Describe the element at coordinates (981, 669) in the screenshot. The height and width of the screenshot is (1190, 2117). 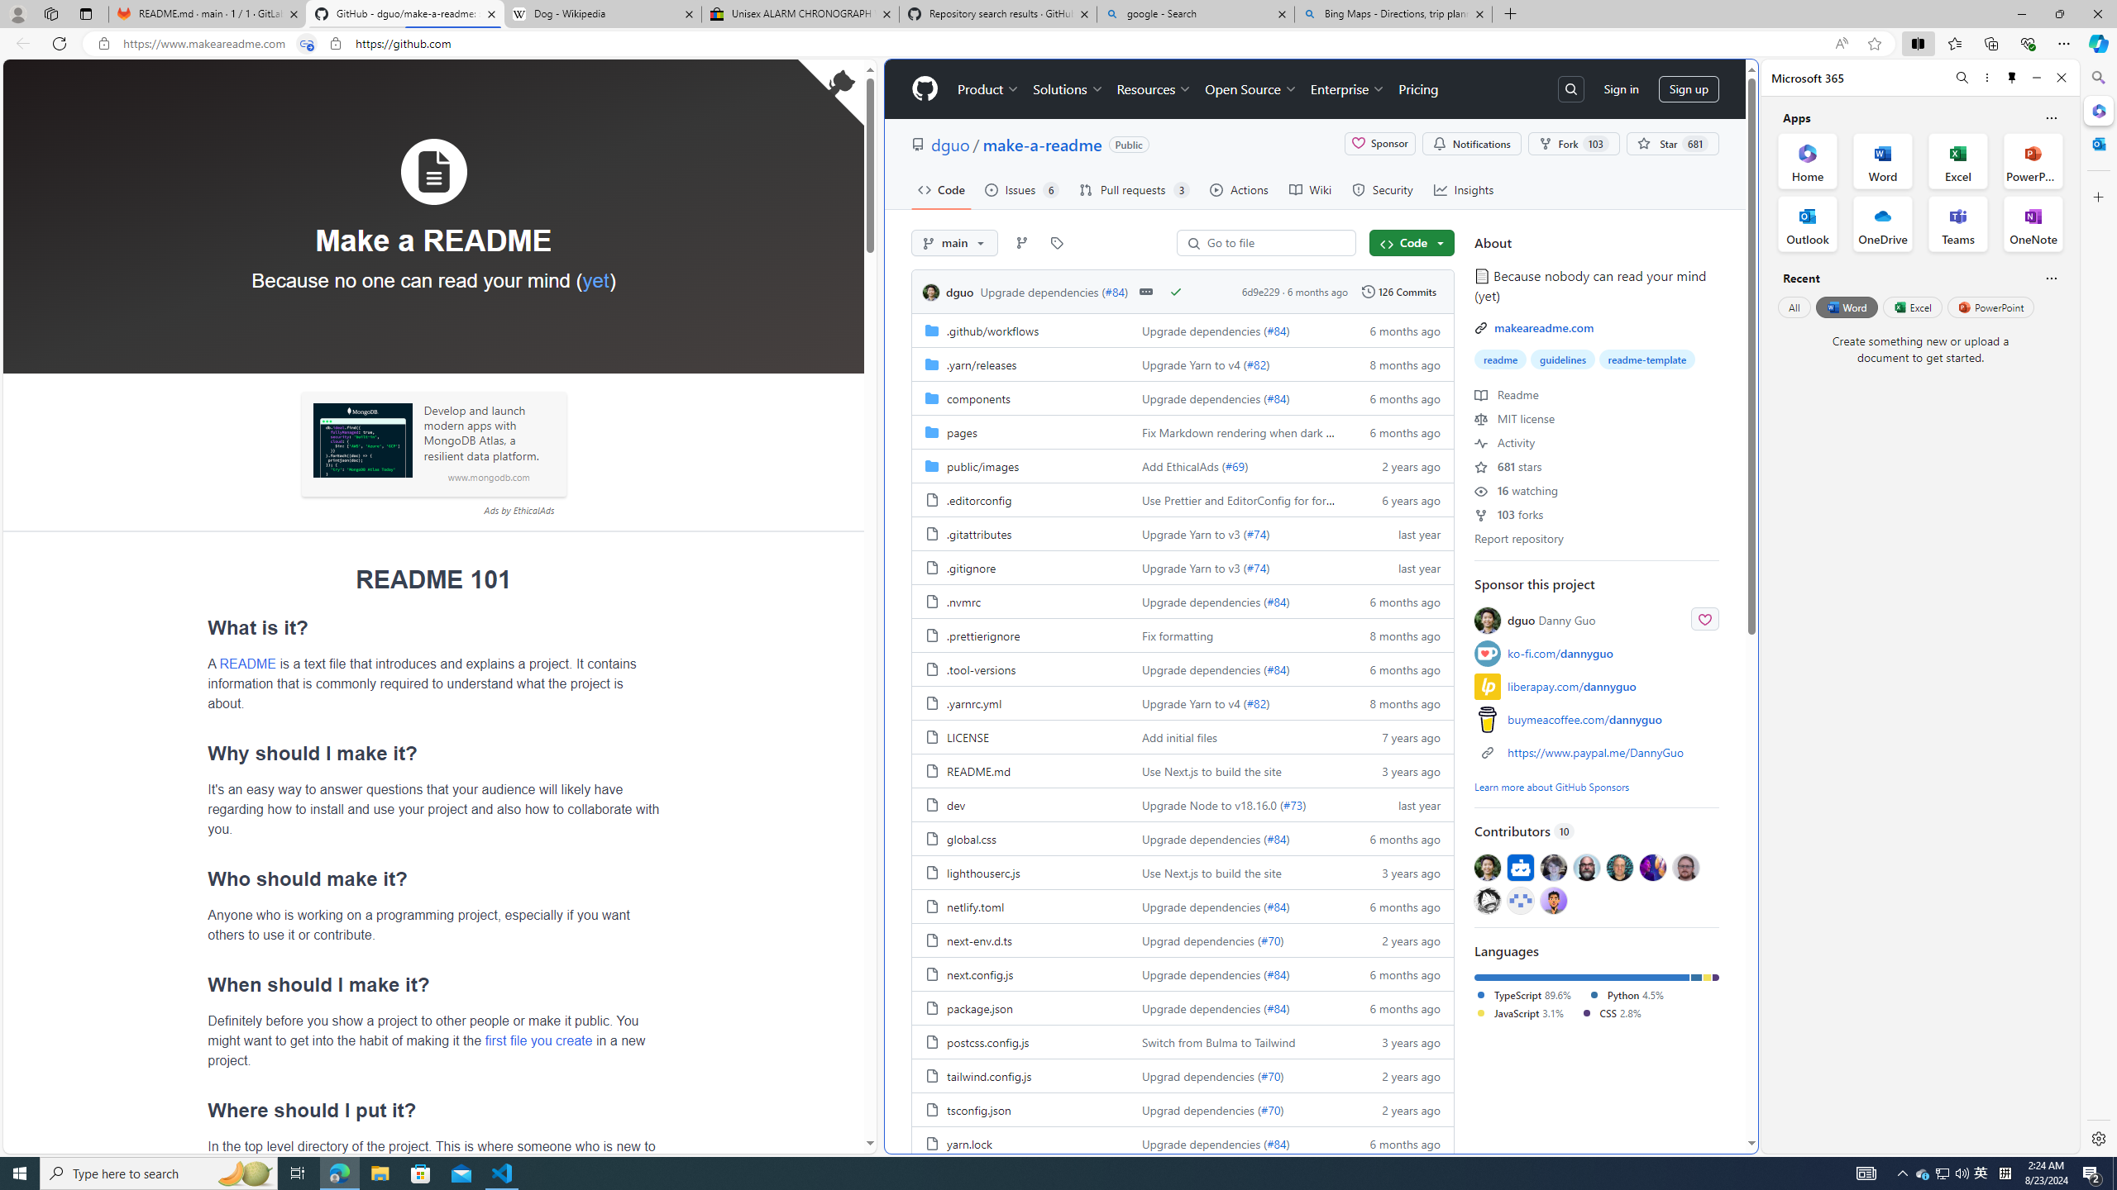
I see `'.tool-versions, (File)'` at that location.